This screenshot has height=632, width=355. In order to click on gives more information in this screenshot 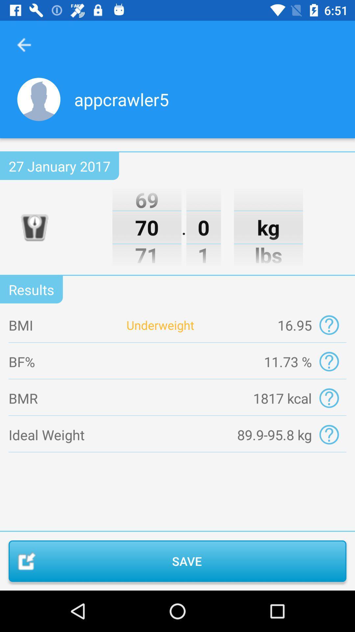, I will do `click(329, 434)`.